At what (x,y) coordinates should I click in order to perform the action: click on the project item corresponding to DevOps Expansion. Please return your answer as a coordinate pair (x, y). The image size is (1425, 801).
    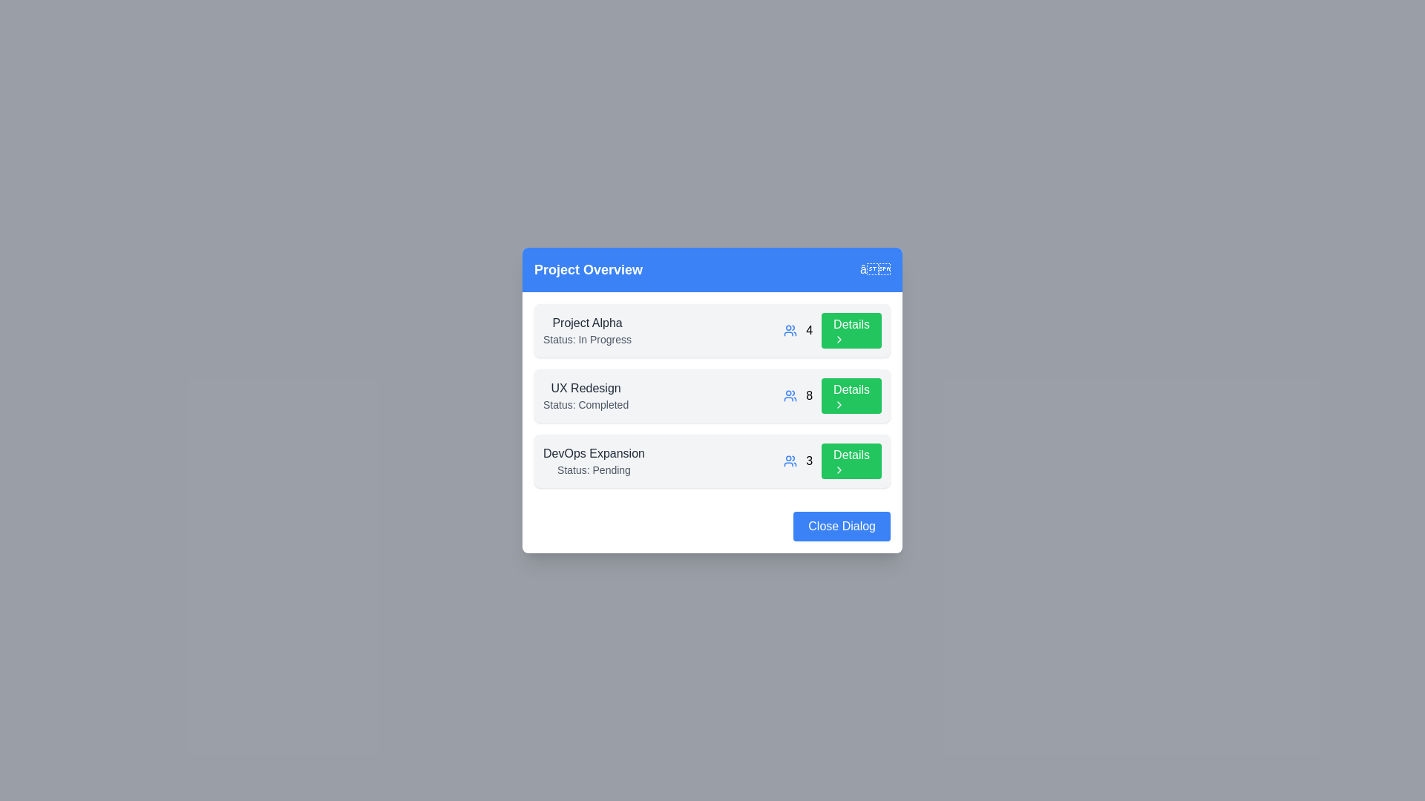
    Looking at the image, I should click on (712, 460).